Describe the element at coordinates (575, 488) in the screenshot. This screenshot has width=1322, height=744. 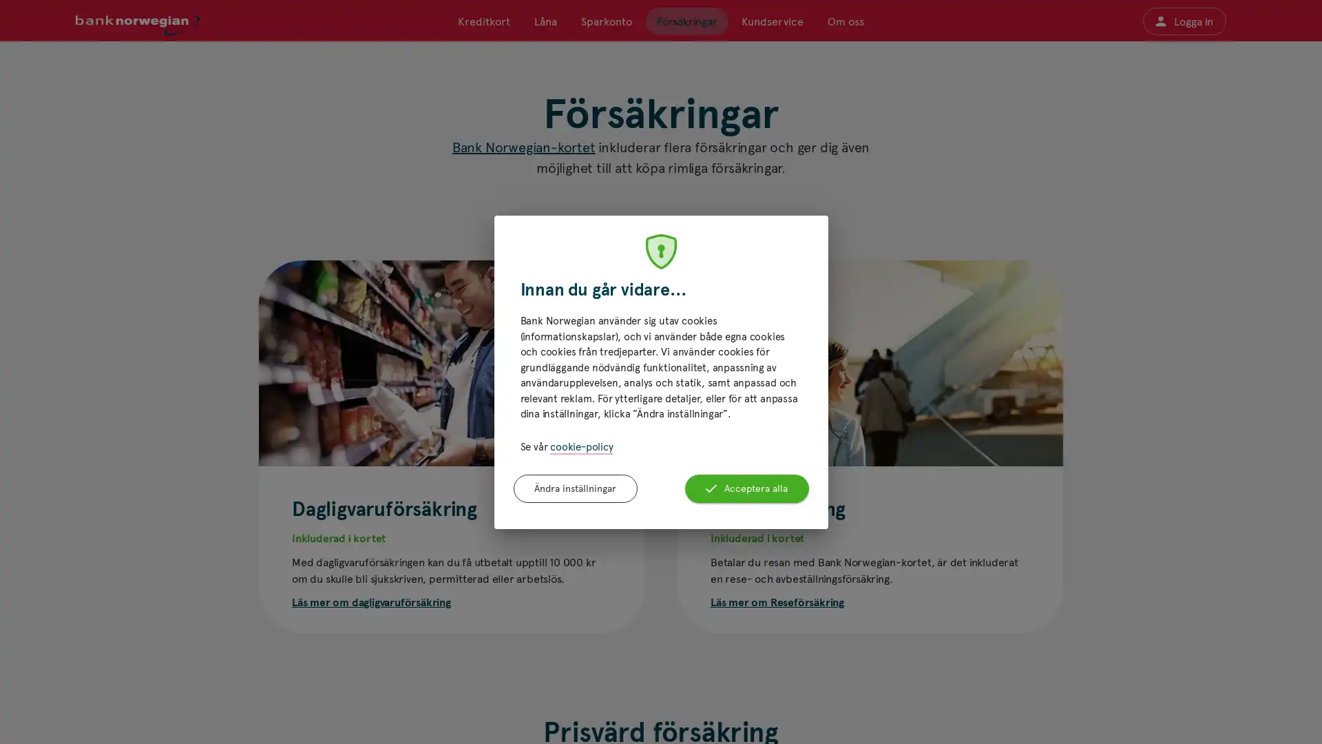
I see `Andra installningar` at that location.